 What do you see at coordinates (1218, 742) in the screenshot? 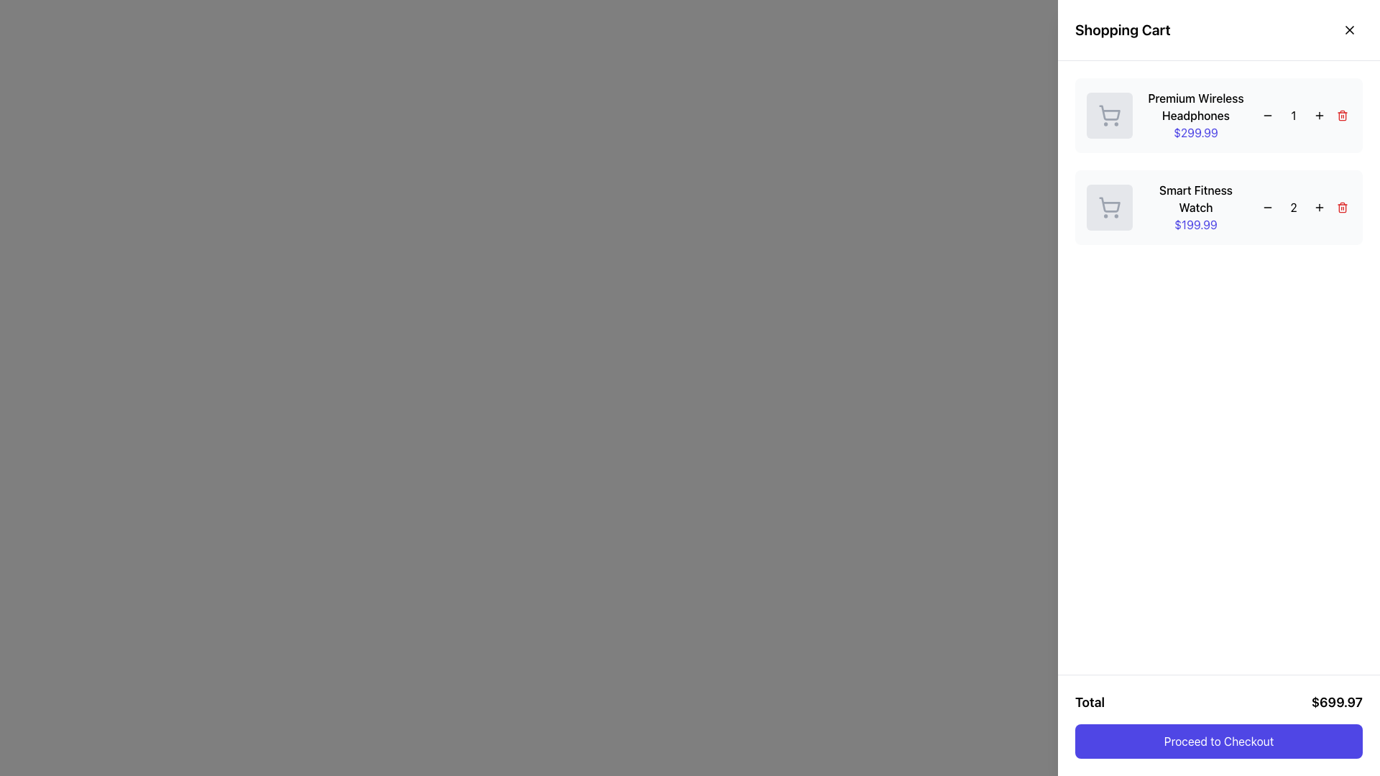
I see `the button located at the bottom-right of the shopping cart panel, directly below the 'Total $699.97' text, to proceed to the checkout page` at bounding box center [1218, 742].